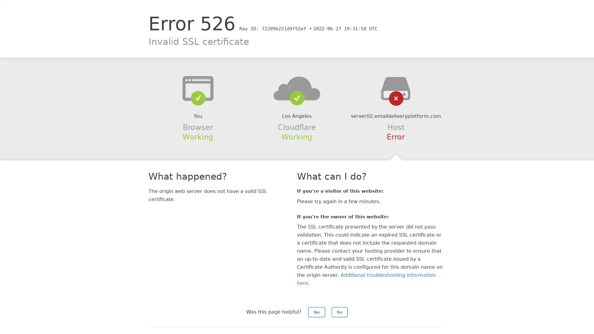 This screenshot has width=594, height=334. What do you see at coordinates (339, 312) in the screenshot?
I see `No` at bounding box center [339, 312].